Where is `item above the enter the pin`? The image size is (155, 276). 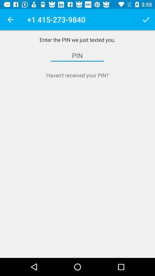 item above the enter the pin is located at coordinates (146, 20).